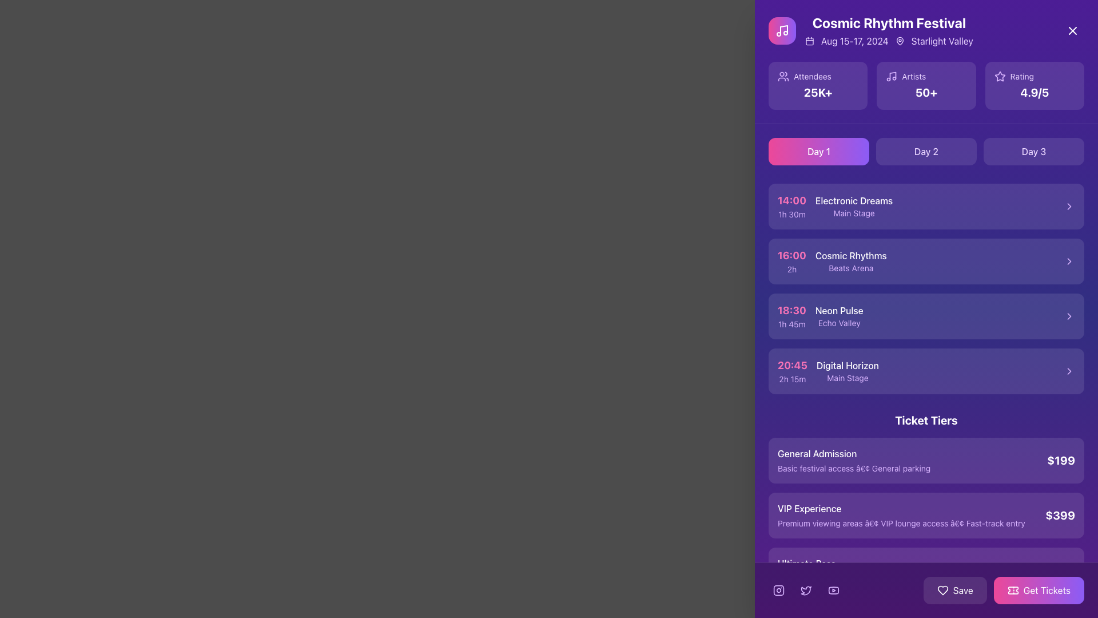 This screenshot has width=1098, height=618. I want to click on the 'VIP Experience' text label, which is displayed in white font on a purple background, so click(901, 508).